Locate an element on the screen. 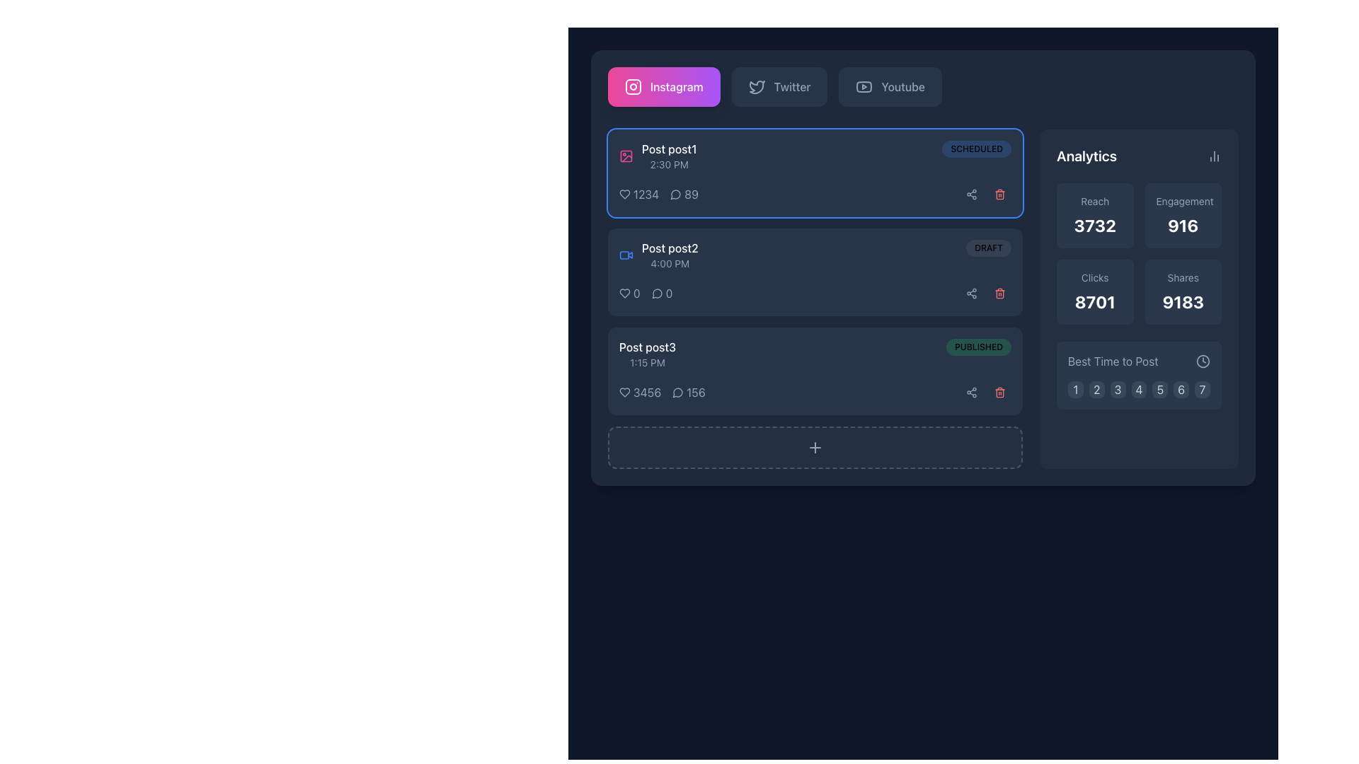  the sixth button in the horizontally aligned grid under the 'Best Time to Post' section in the 'Analytics' group is located at coordinates (1181, 390).